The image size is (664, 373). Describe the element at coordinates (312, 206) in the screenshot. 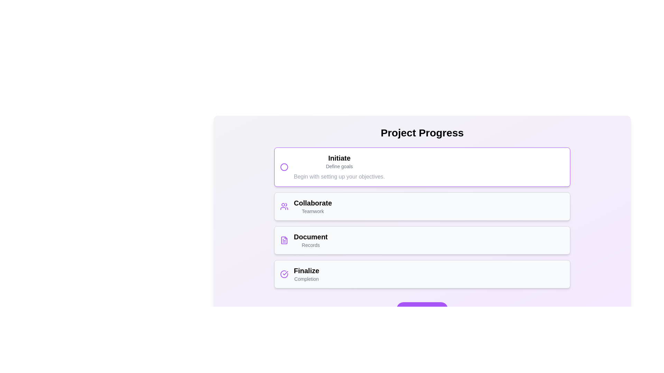

I see `text of the 'Collaborate' step label, which is the second card in a vertical list of tasks, positioned between the 'Initiate' and 'Document' cards` at that location.